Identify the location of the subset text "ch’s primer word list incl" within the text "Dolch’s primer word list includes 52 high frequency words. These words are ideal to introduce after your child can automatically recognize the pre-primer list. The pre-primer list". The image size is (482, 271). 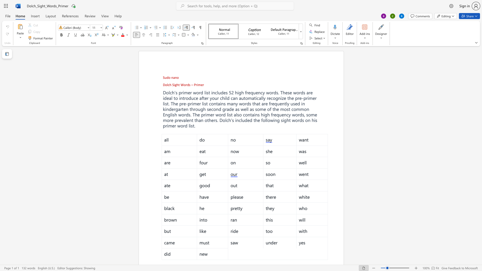
(170, 93).